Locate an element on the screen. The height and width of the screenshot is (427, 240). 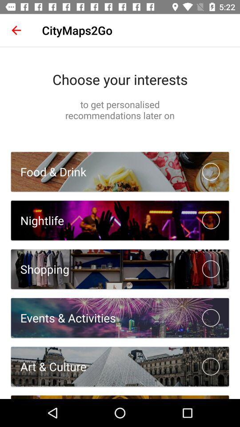
item below choose your interests is located at coordinates (120, 109).